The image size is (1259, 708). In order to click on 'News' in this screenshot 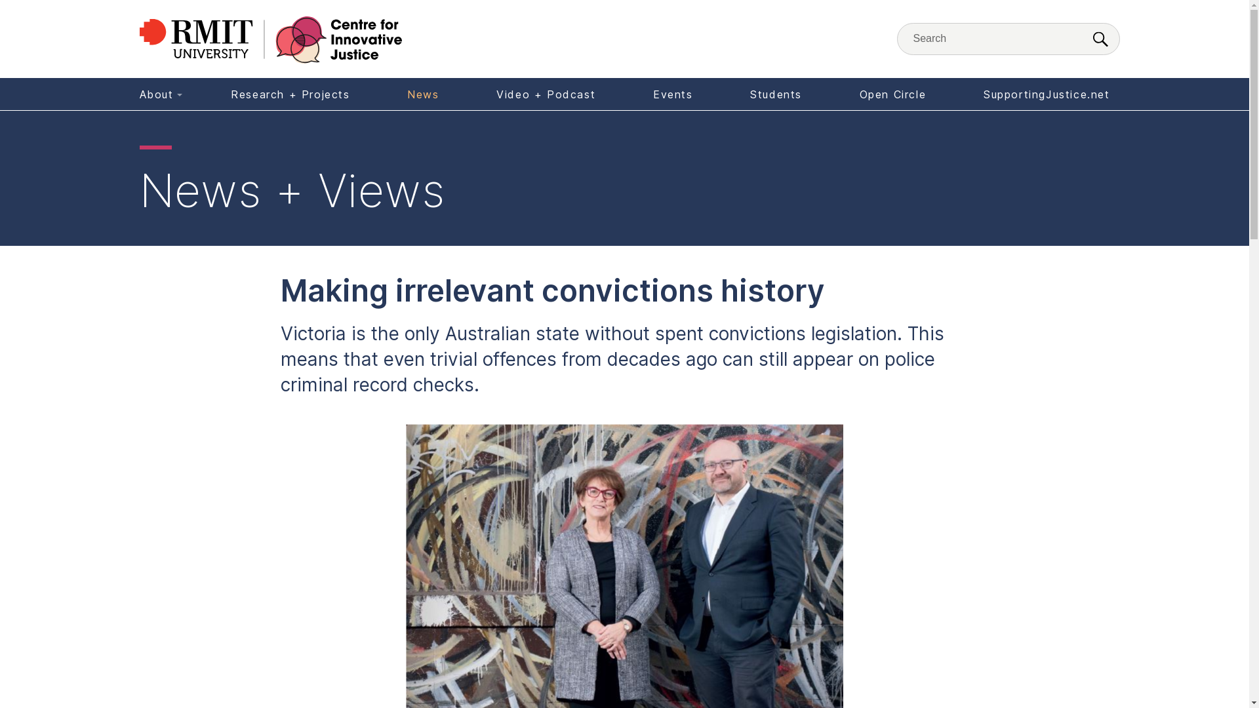, I will do `click(422, 93)`.